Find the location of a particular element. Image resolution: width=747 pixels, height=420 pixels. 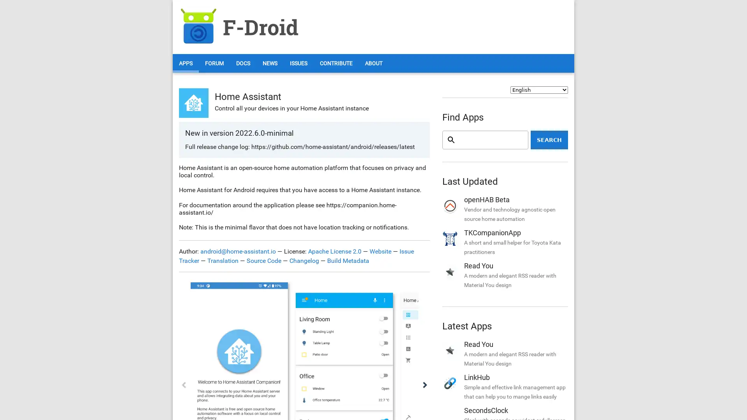

Search is located at coordinates (549, 139).